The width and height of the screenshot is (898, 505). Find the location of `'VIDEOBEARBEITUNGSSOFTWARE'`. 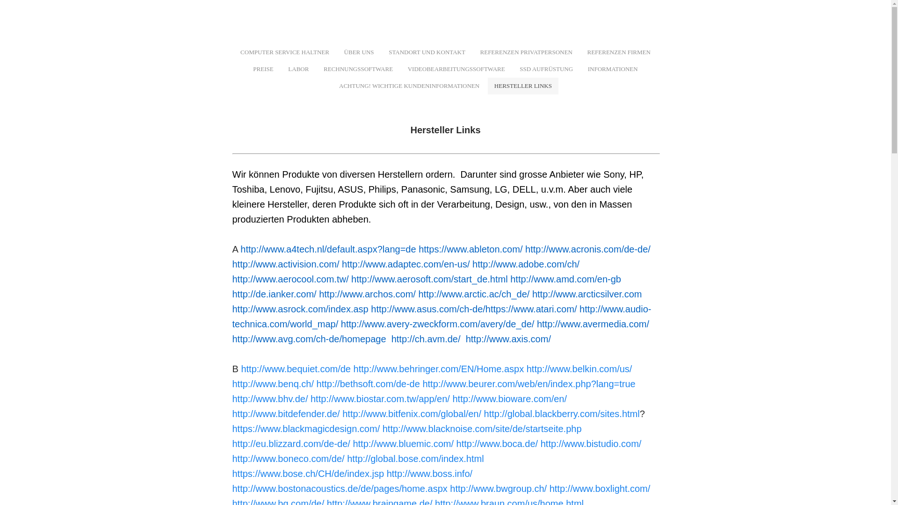

'VIDEOBEARBEITUNGSSOFTWARE' is located at coordinates (456, 68).